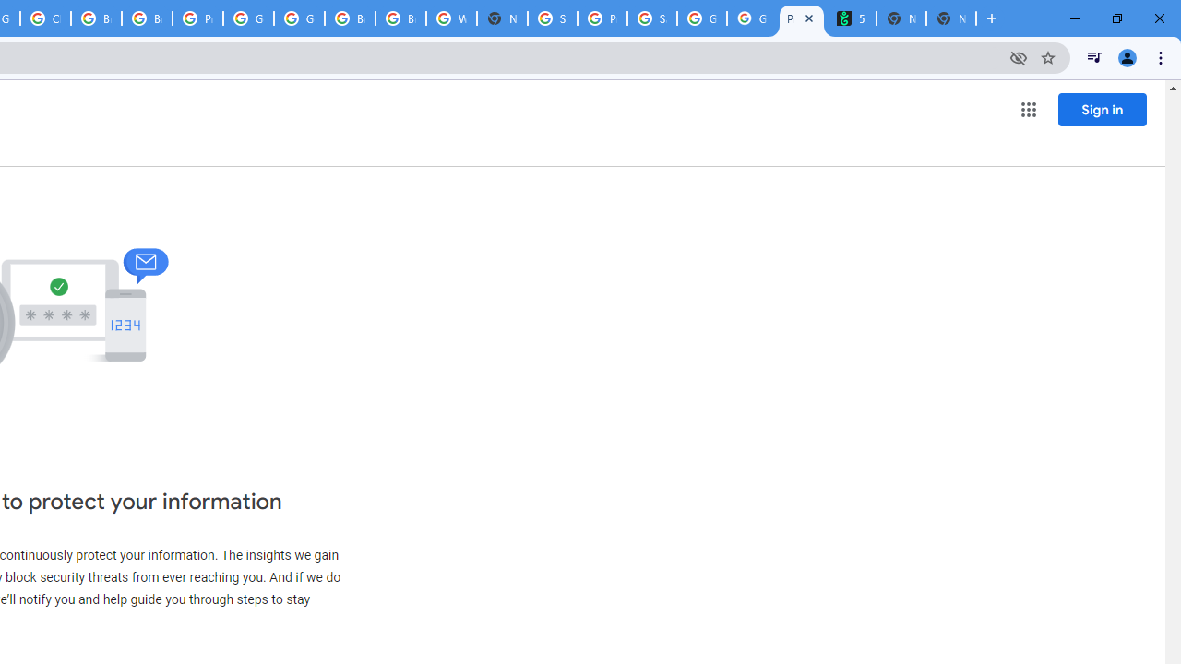 Image resolution: width=1181 pixels, height=664 pixels. Describe the element at coordinates (350, 18) in the screenshot. I see `'Browse Chrome as a guest - Computer - Google Chrome Help'` at that location.